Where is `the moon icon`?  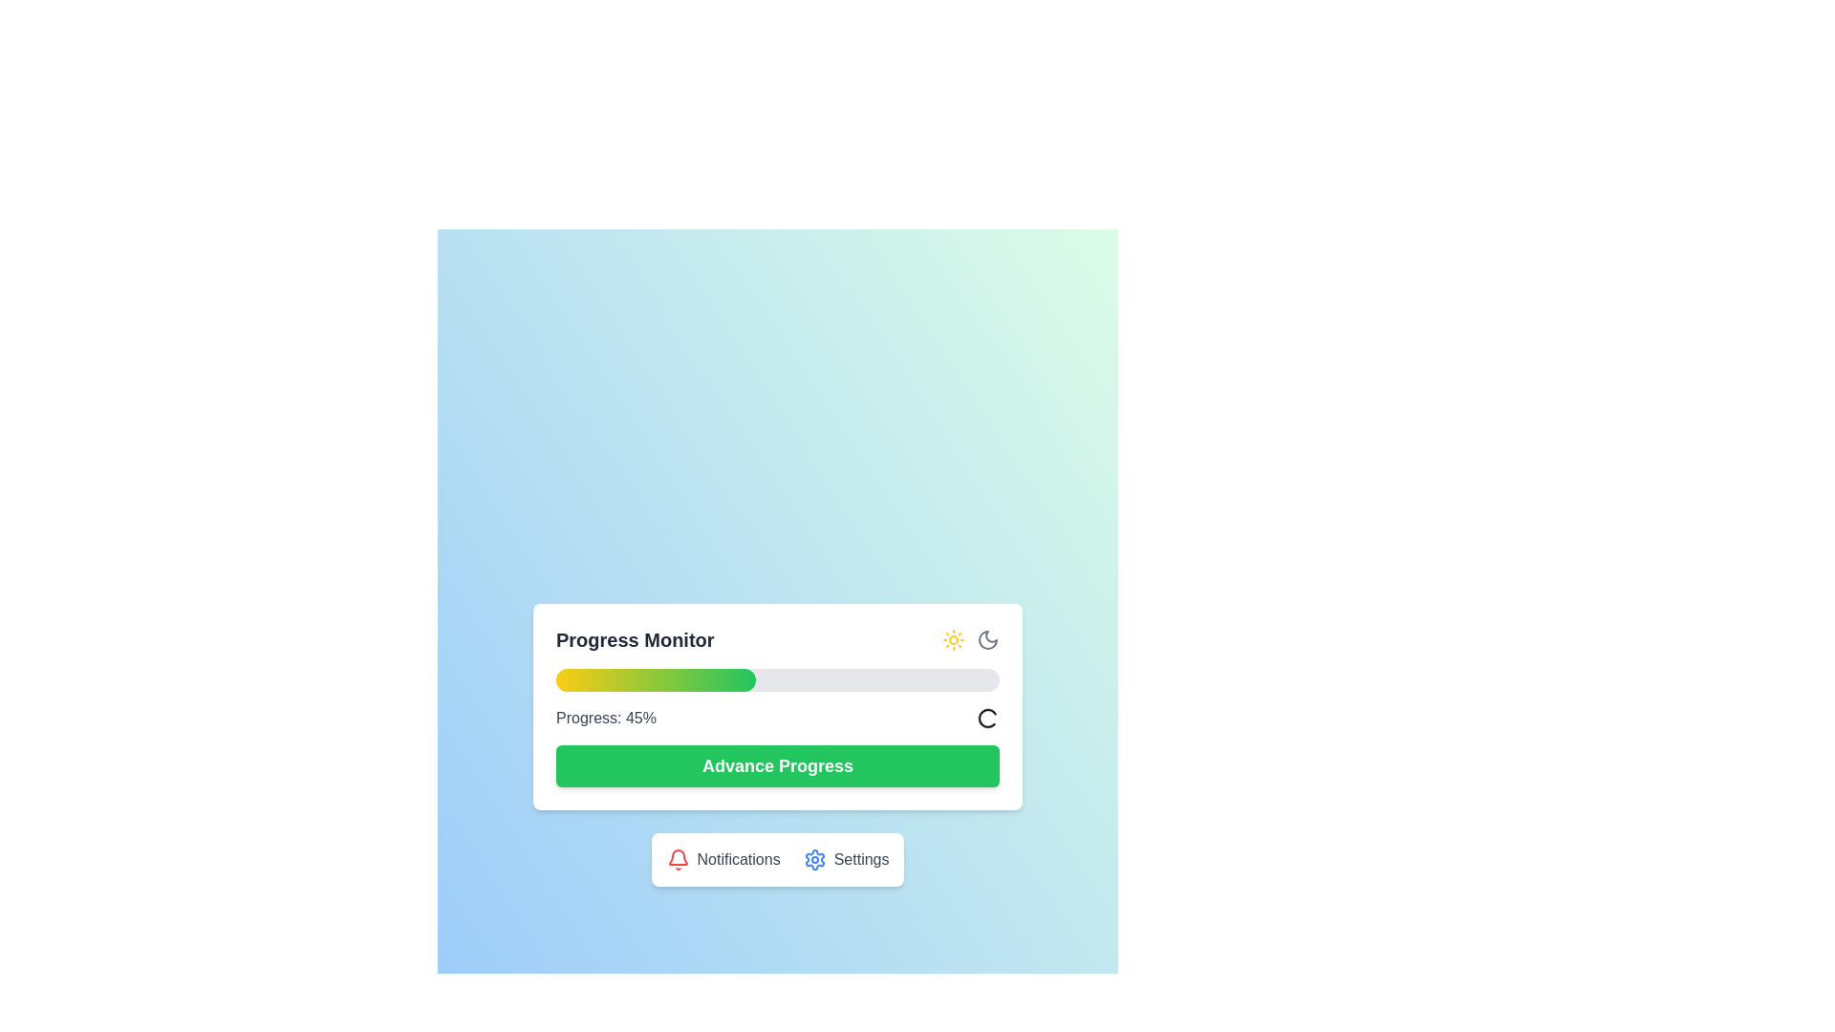 the moon icon is located at coordinates (987, 640).